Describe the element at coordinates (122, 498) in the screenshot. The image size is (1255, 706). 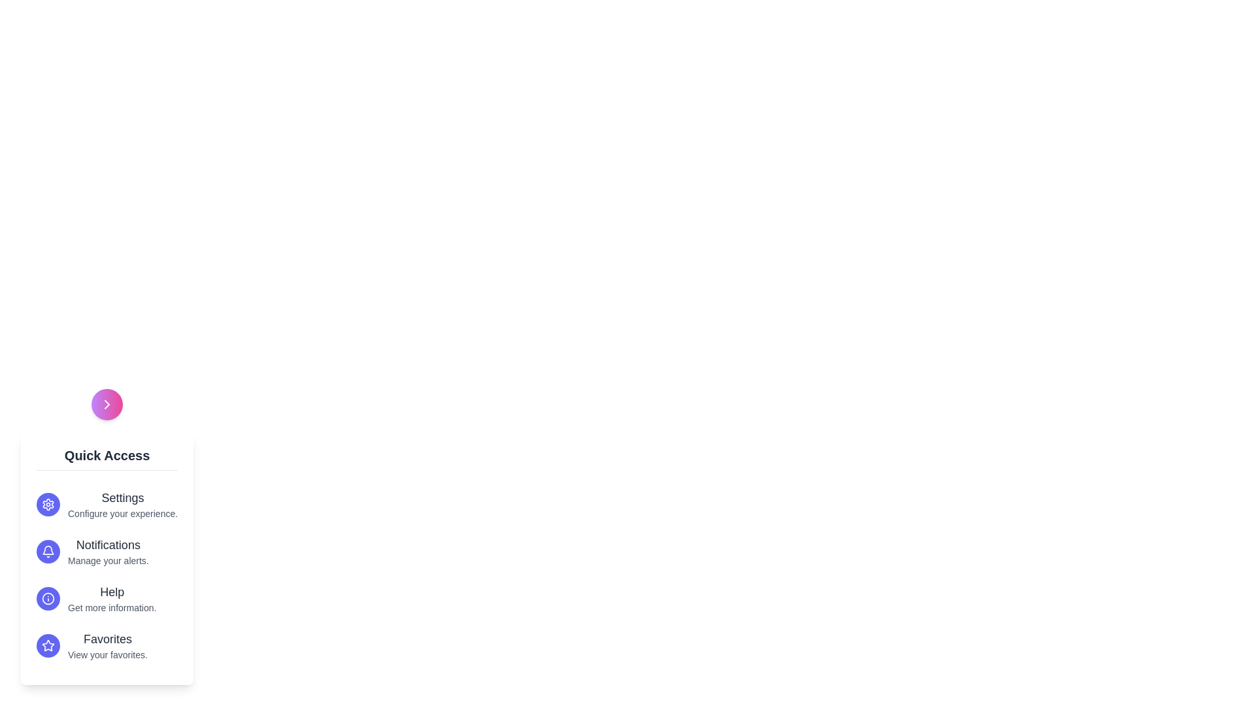
I see `the 'Settings' option in the menu` at that location.